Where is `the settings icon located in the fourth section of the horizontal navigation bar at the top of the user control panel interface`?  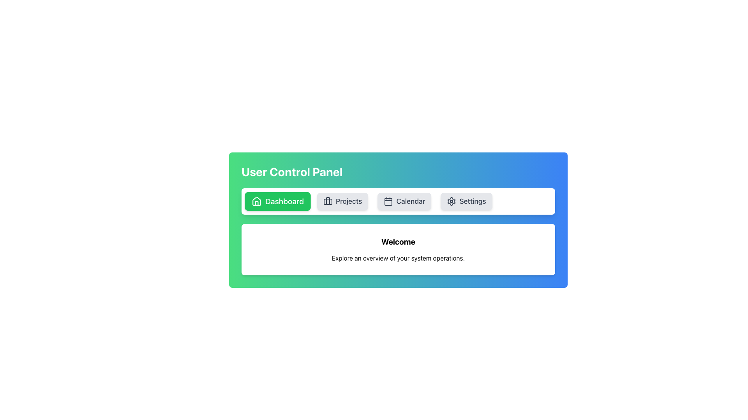 the settings icon located in the fourth section of the horizontal navigation bar at the top of the user control panel interface is located at coordinates (452, 201).